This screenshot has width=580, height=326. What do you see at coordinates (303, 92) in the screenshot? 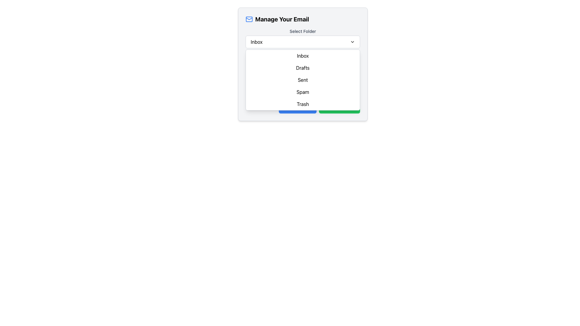
I see `the 'Spam' text label within the dropdown menu` at bounding box center [303, 92].